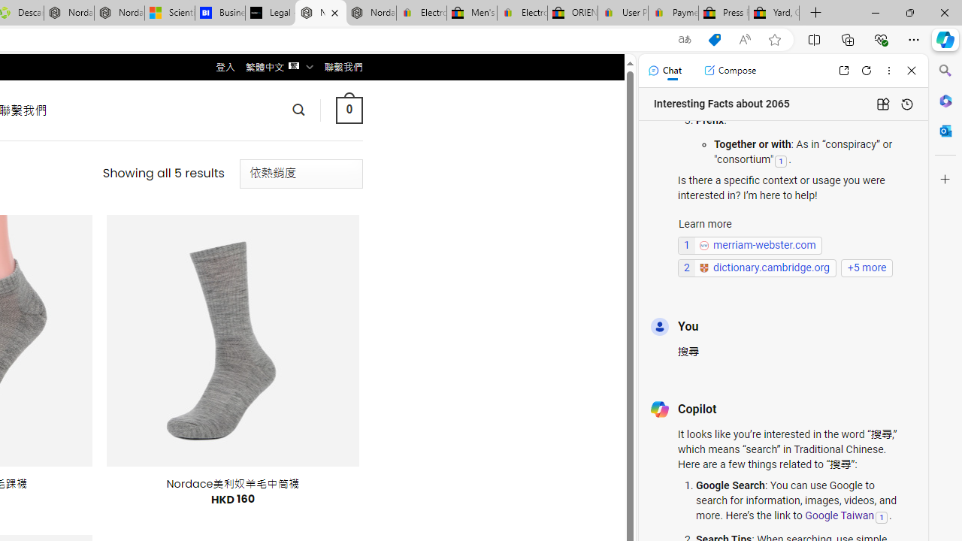 The height and width of the screenshot is (541, 962). I want to click on 'Nordace - Summer Adventures 2024', so click(68, 13).